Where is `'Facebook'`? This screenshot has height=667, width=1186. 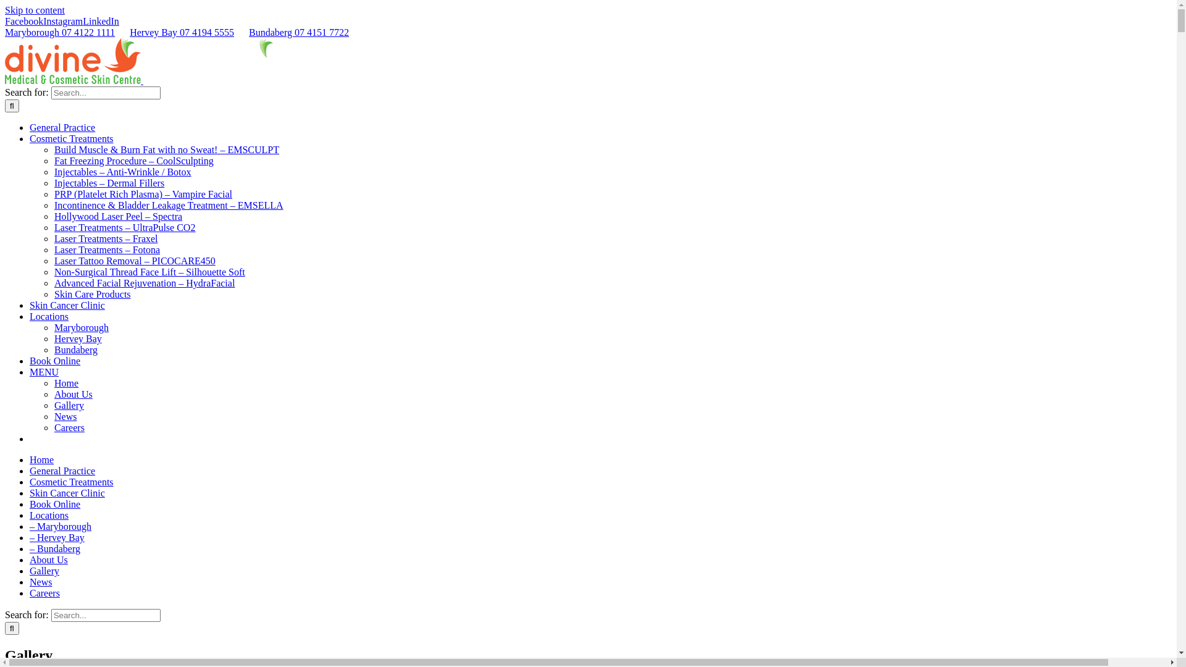
'Facebook' is located at coordinates (23, 21).